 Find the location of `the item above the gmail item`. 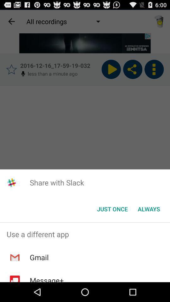

the item above the gmail item is located at coordinates (85, 234).